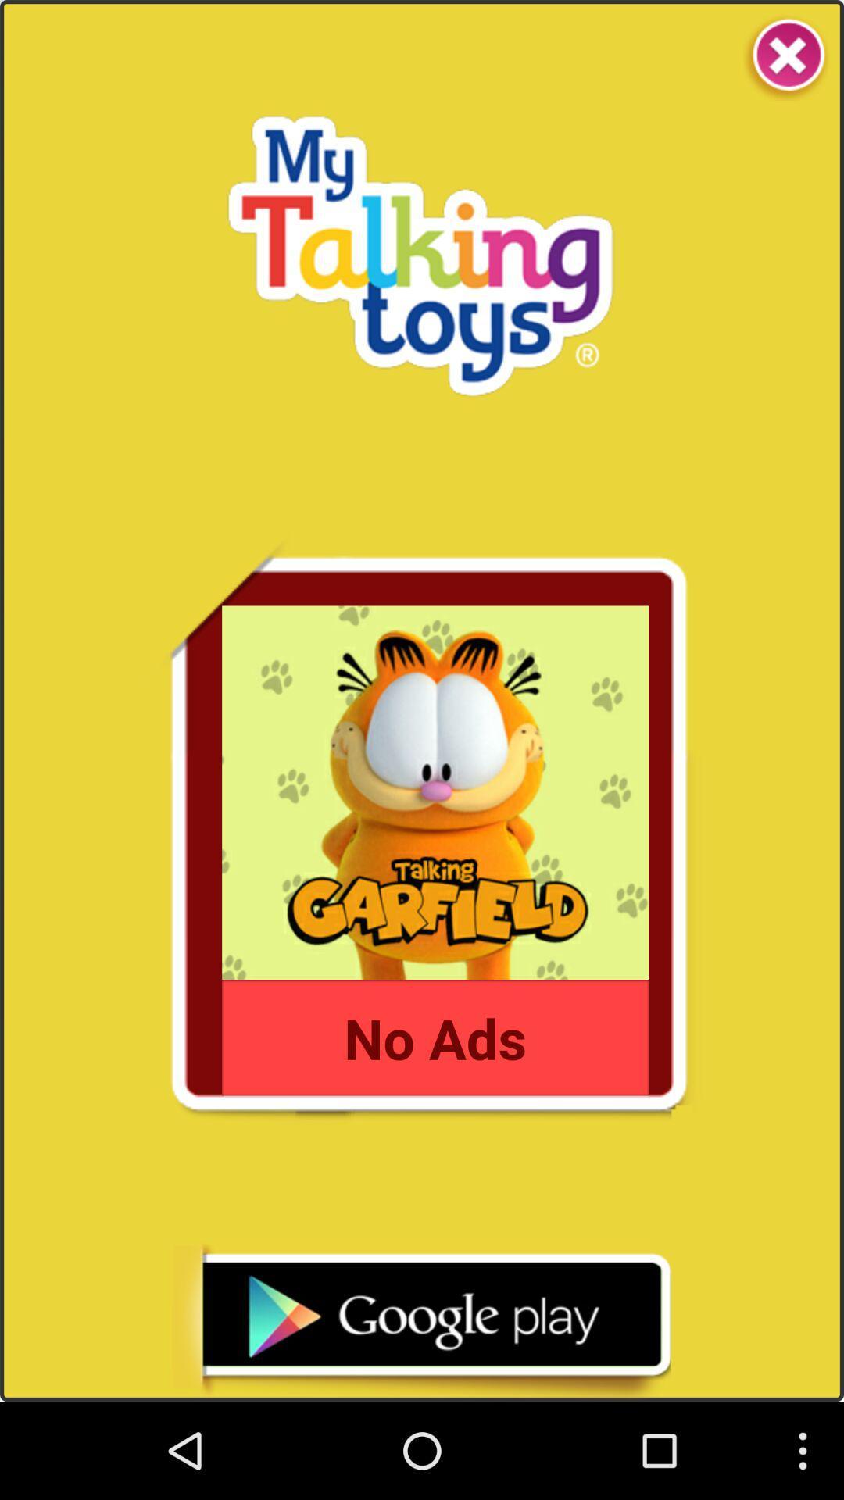 The width and height of the screenshot is (844, 1500). What do you see at coordinates (420, 1321) in the screenshot?
I see `google play app` at bounding box center [420, 1321].